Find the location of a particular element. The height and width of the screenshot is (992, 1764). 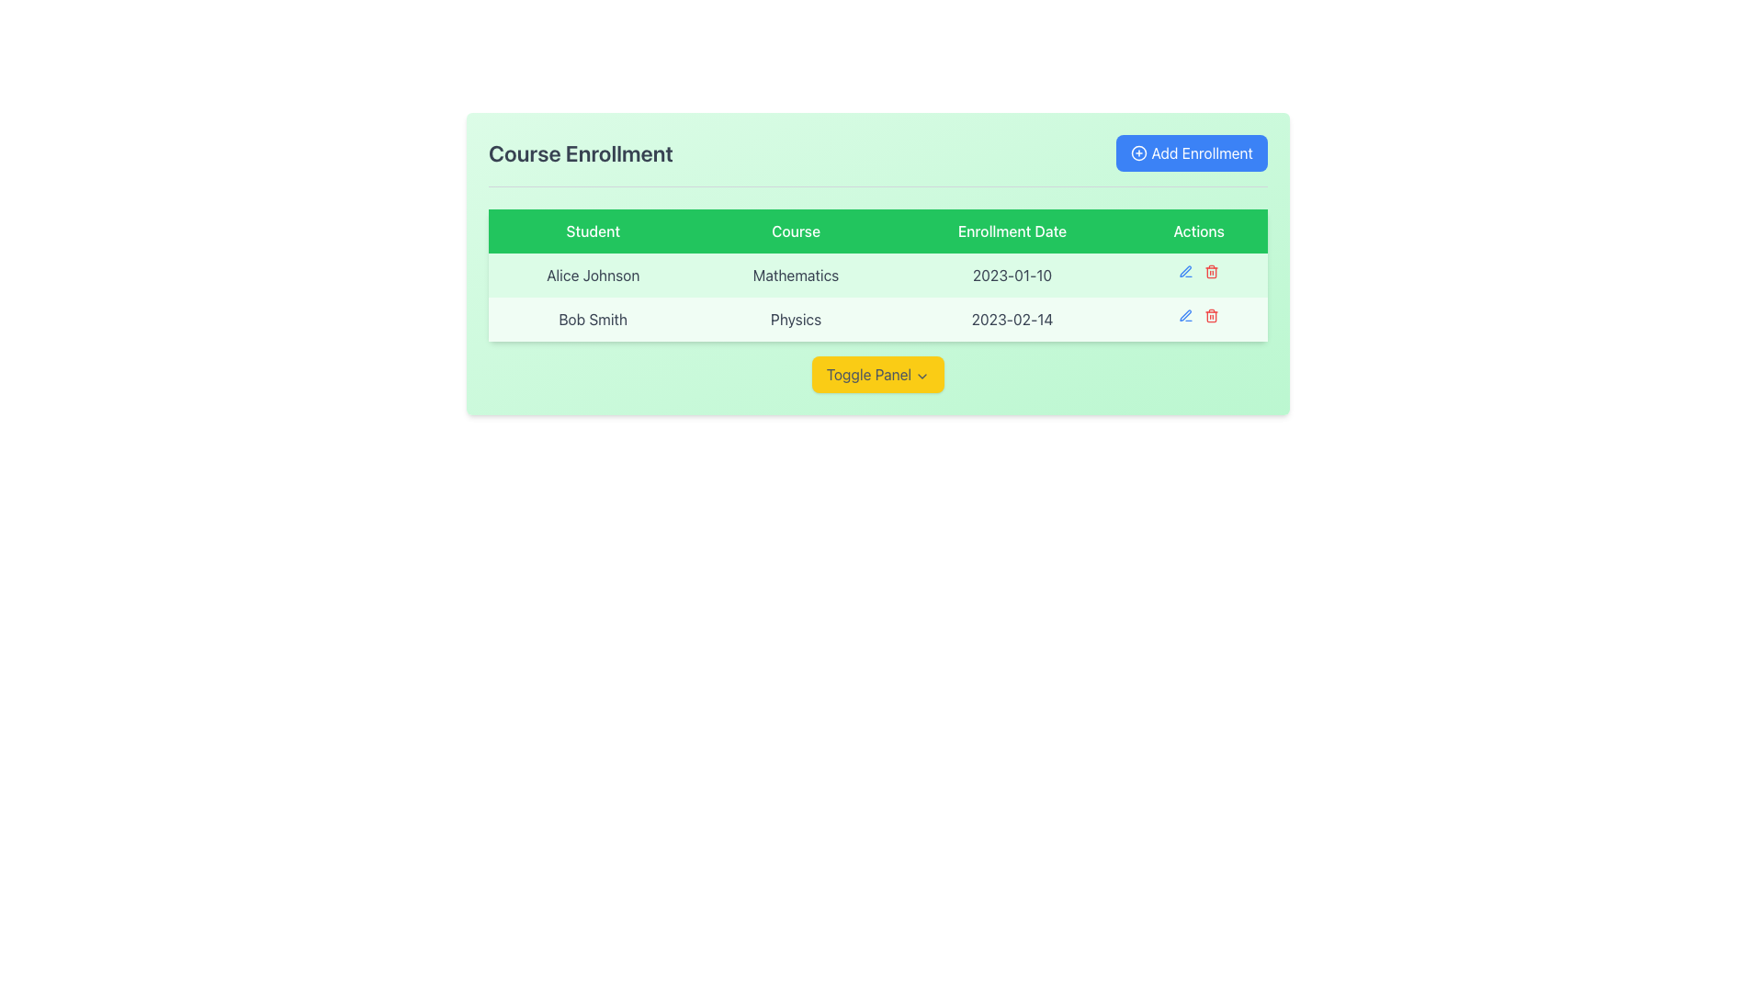

the 'Course Enrollment' text label, which is large, bold, and grayish-black on a light green background, positioned above the data table and to the left of the 'Add Enrollment' button is located at coordinates (580, 152).